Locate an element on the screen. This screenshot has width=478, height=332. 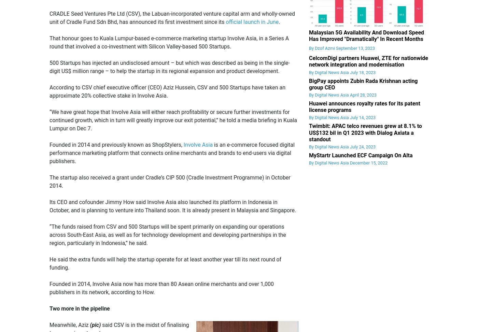
'Its CEO and cofounder Jimmy How said Involve Asia also launched its platform in Indonesia in October, and is planning to venture into Thailand soon. It is already present in Malaysia and Singapore.' is located at coordinates (172, 206).